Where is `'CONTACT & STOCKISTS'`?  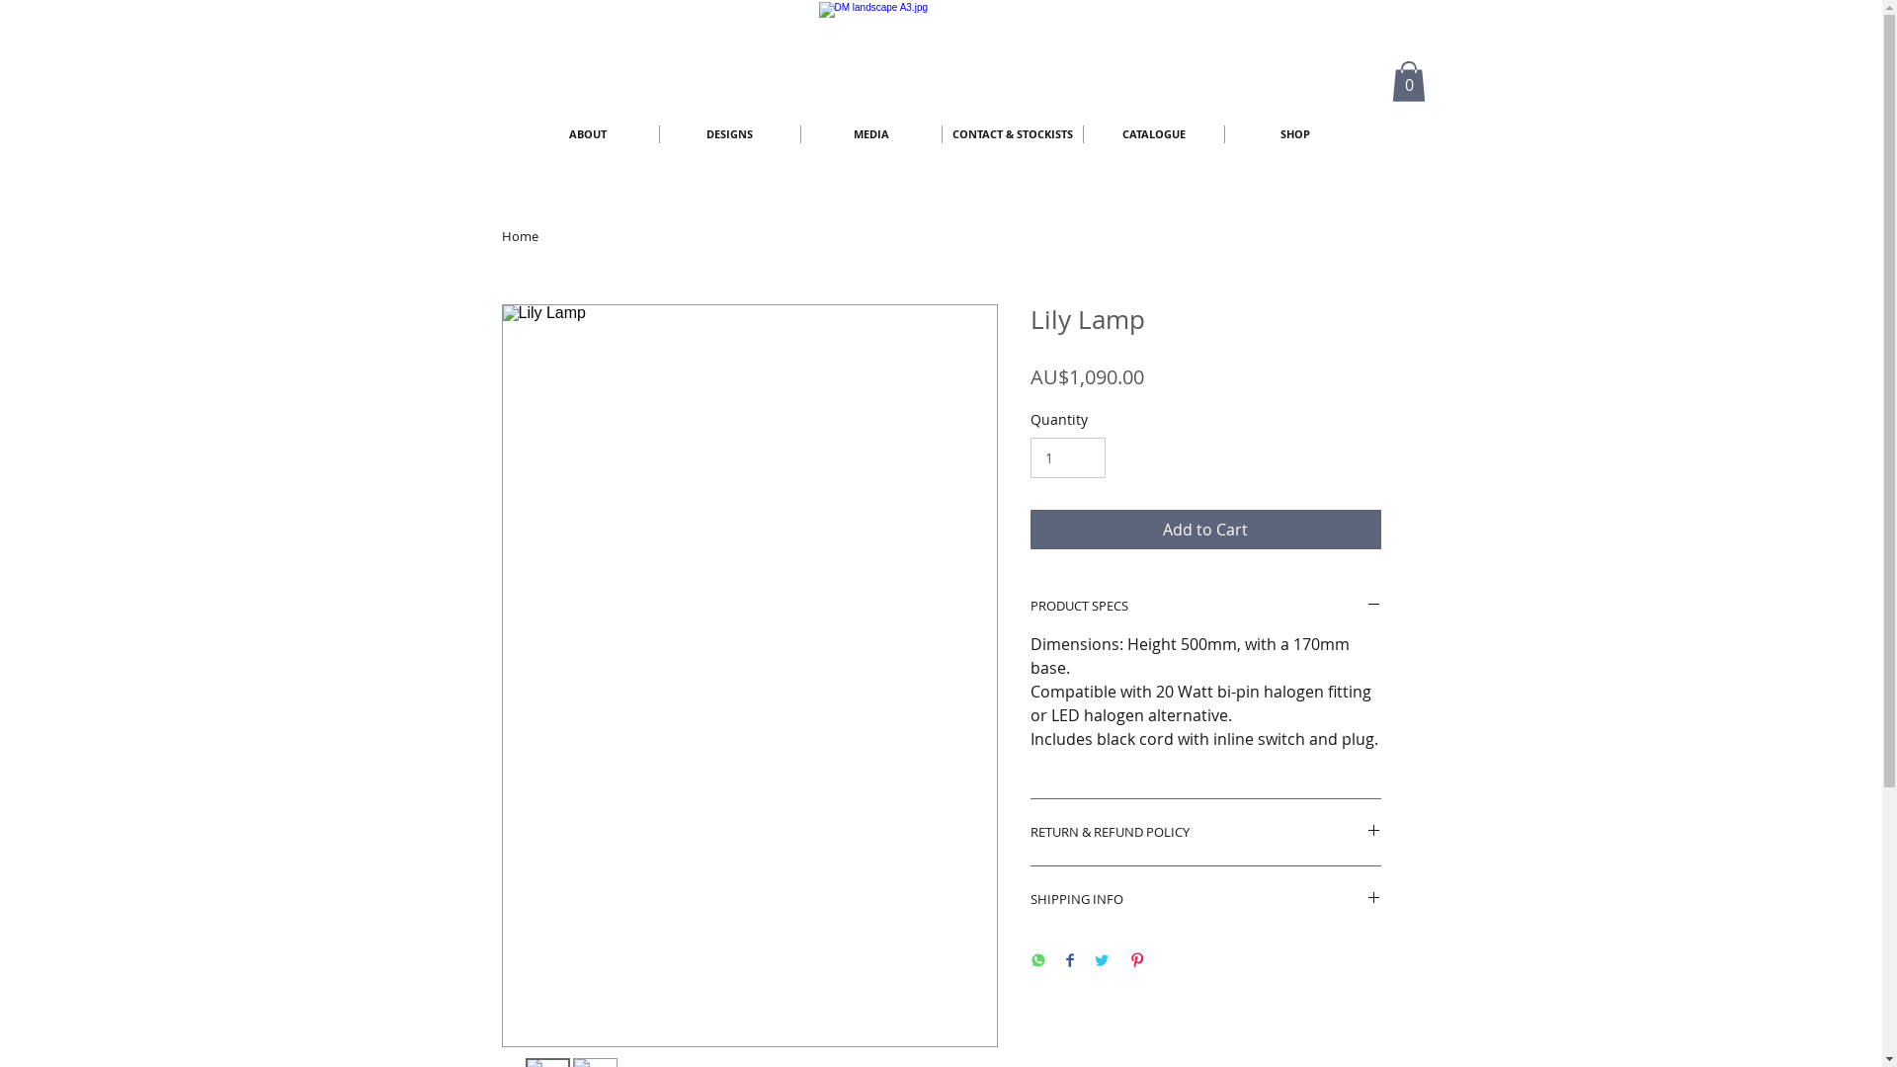
'CONTACT & STOCKISTS' is located at coordinates (942, 133).